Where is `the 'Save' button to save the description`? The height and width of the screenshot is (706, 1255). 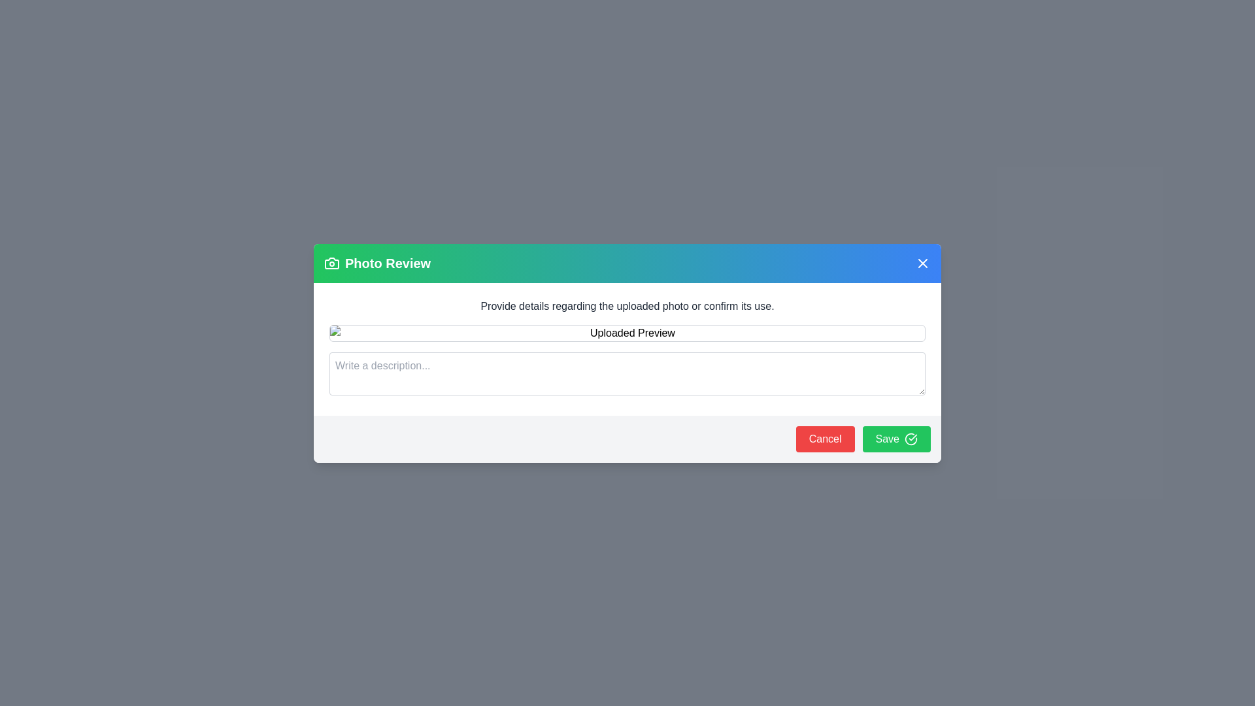
the 'Save' button to save the description is located at coordinates (895, 439).